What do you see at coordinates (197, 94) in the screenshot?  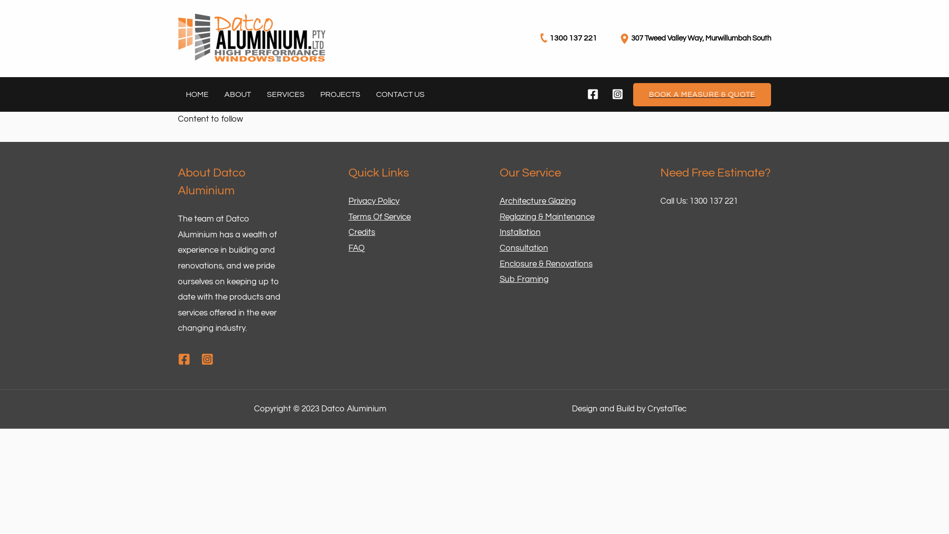 I see `'HOME'` at bounding box center [197, 94].